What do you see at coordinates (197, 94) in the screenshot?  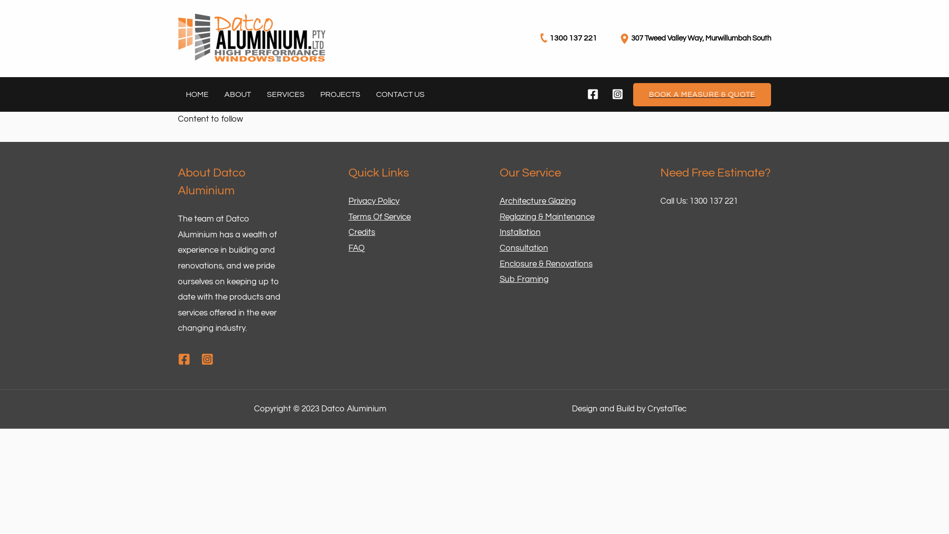 I see `'HOME'` at bounding box center [197, 94].